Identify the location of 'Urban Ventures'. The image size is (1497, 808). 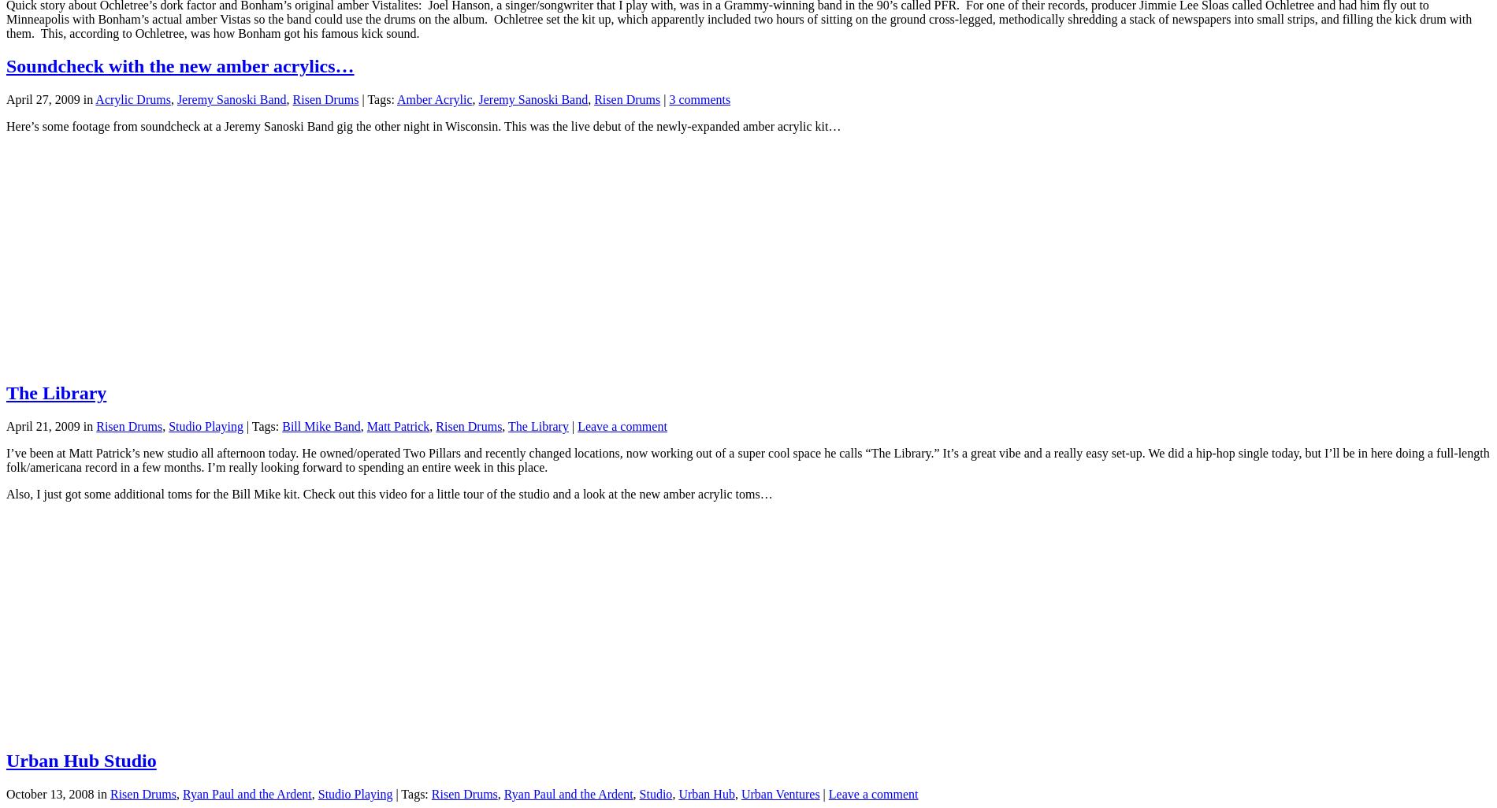
(780, 793).